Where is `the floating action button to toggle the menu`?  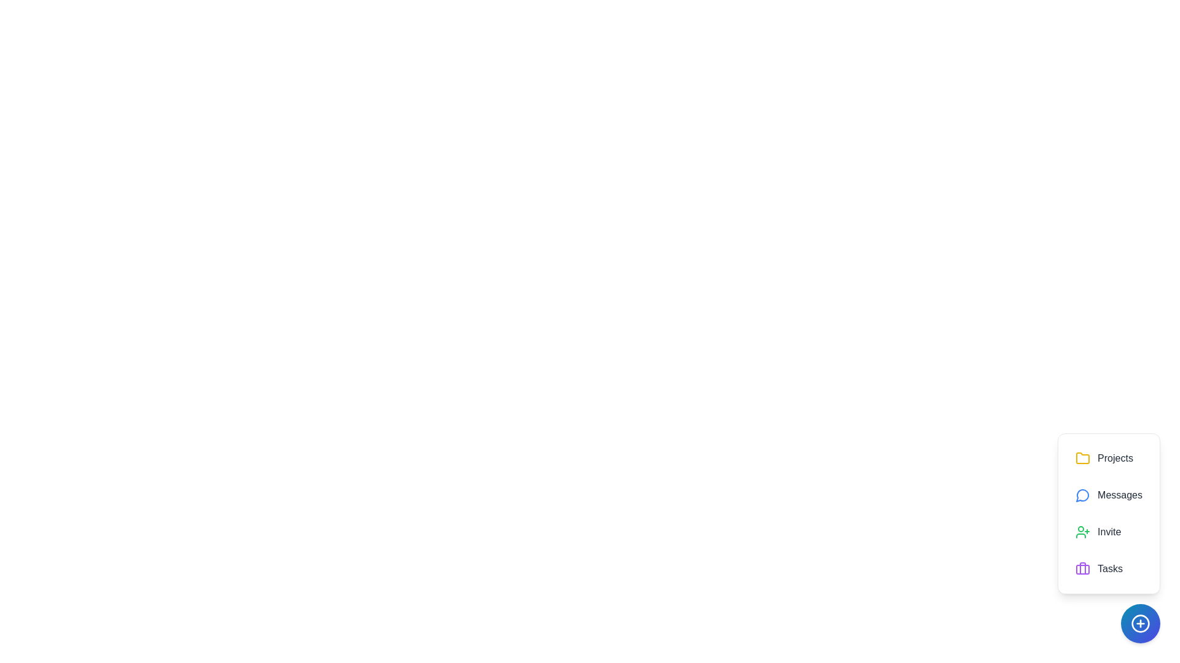 the floating action button to toggle the menu is located at coordinates (1140, 623).